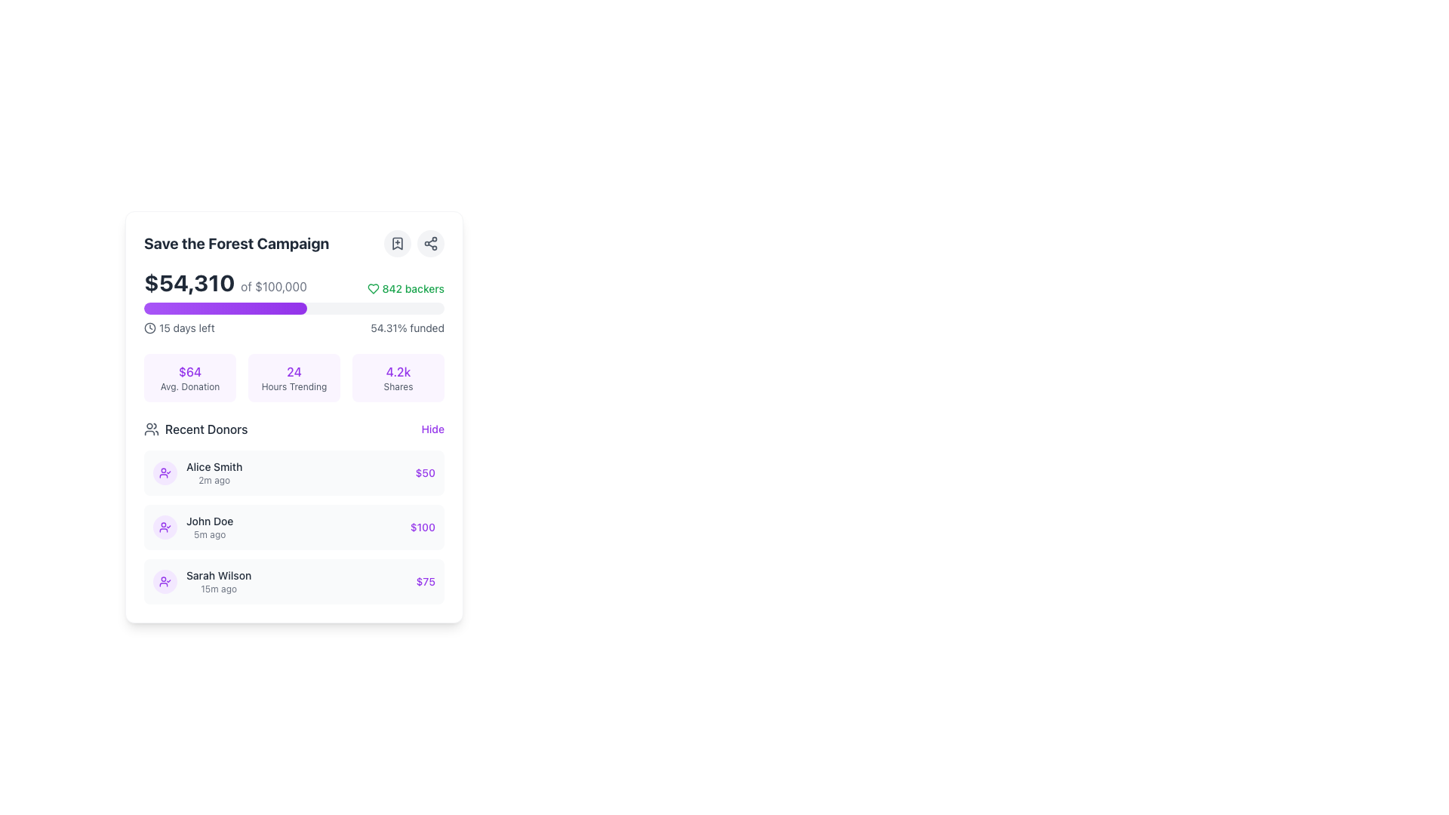  I want to click on the verified status icon indicating acknowledgment for the user 'Alice Smith', located in the 'Recent Donors' section, so click(165, 581).